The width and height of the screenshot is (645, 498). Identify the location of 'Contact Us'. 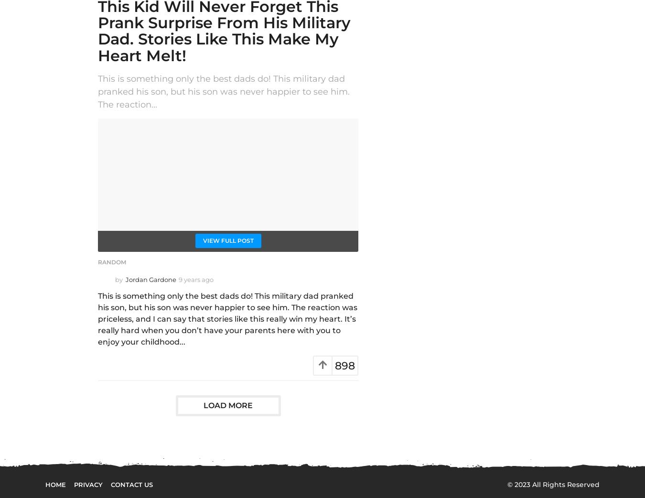
(110, 484).